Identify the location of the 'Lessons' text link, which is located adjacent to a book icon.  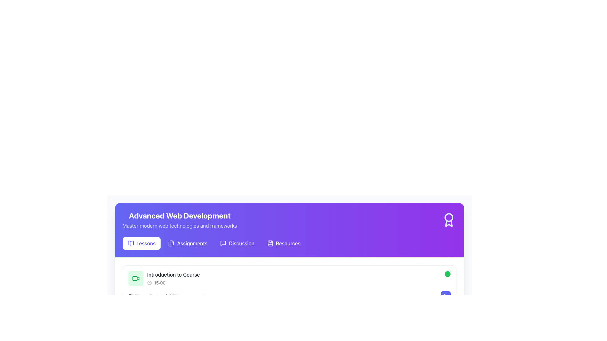
(145, 243).